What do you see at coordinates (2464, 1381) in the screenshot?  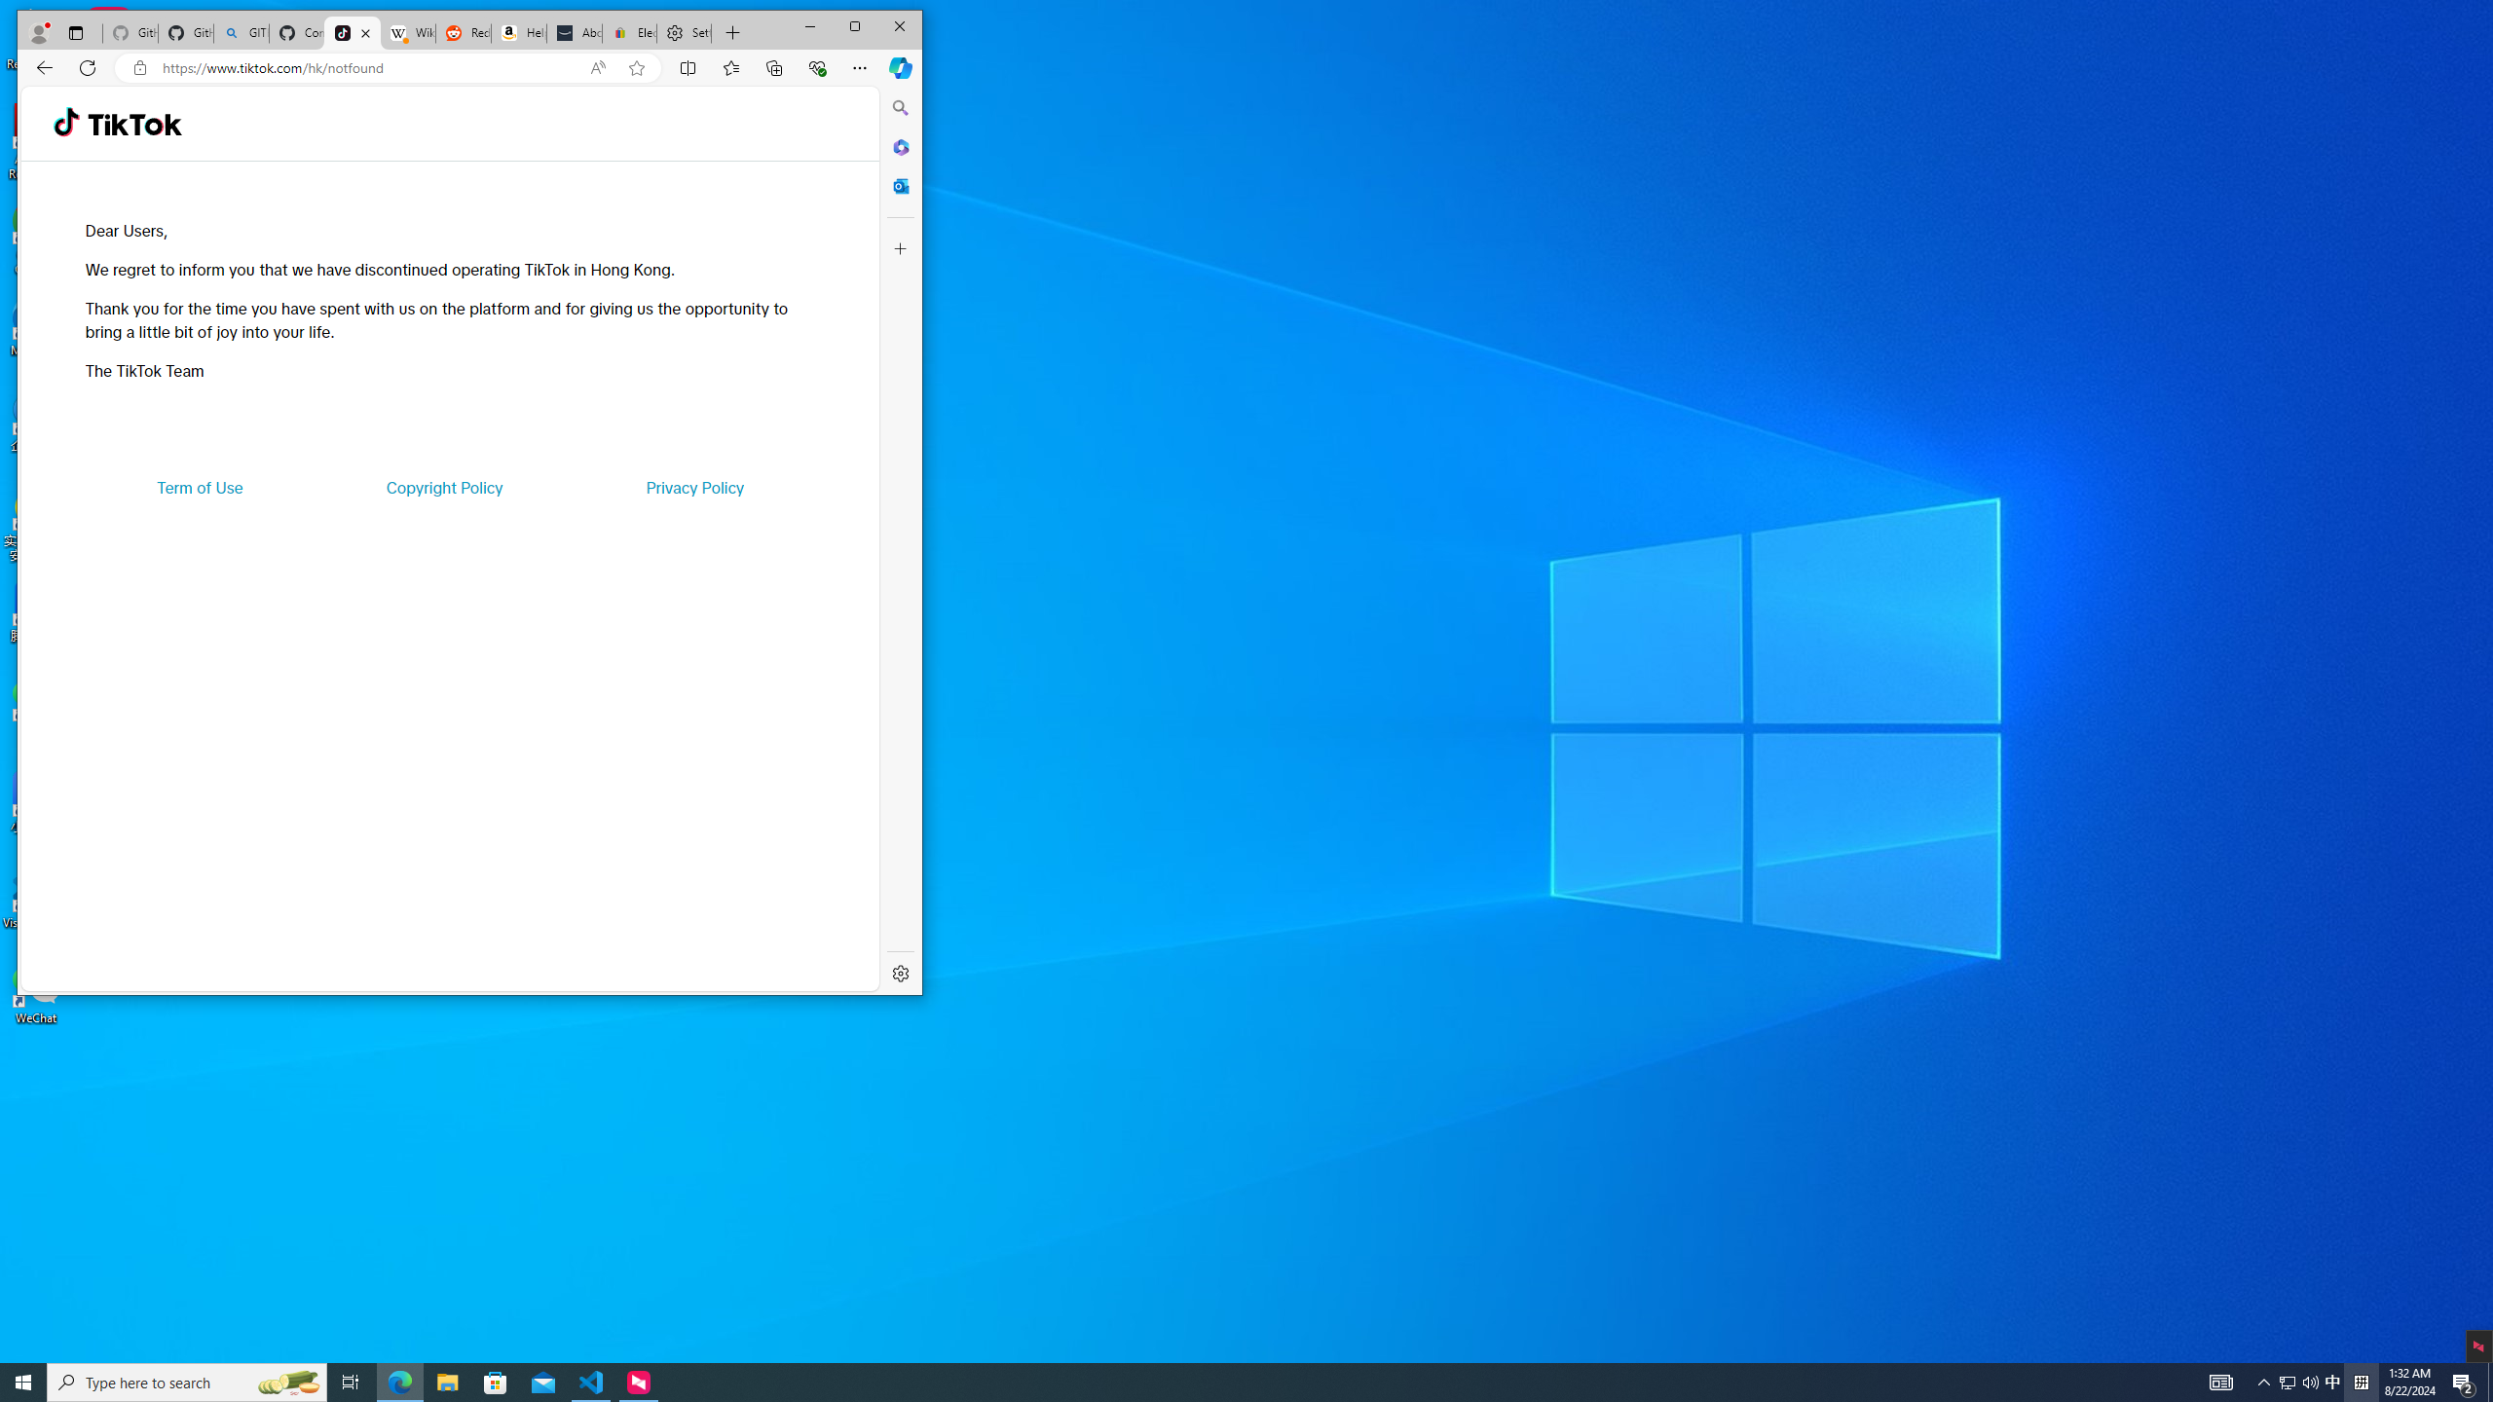 I see `'Action Center, 2 new notifications'` at bounding box center [2464, 1381].